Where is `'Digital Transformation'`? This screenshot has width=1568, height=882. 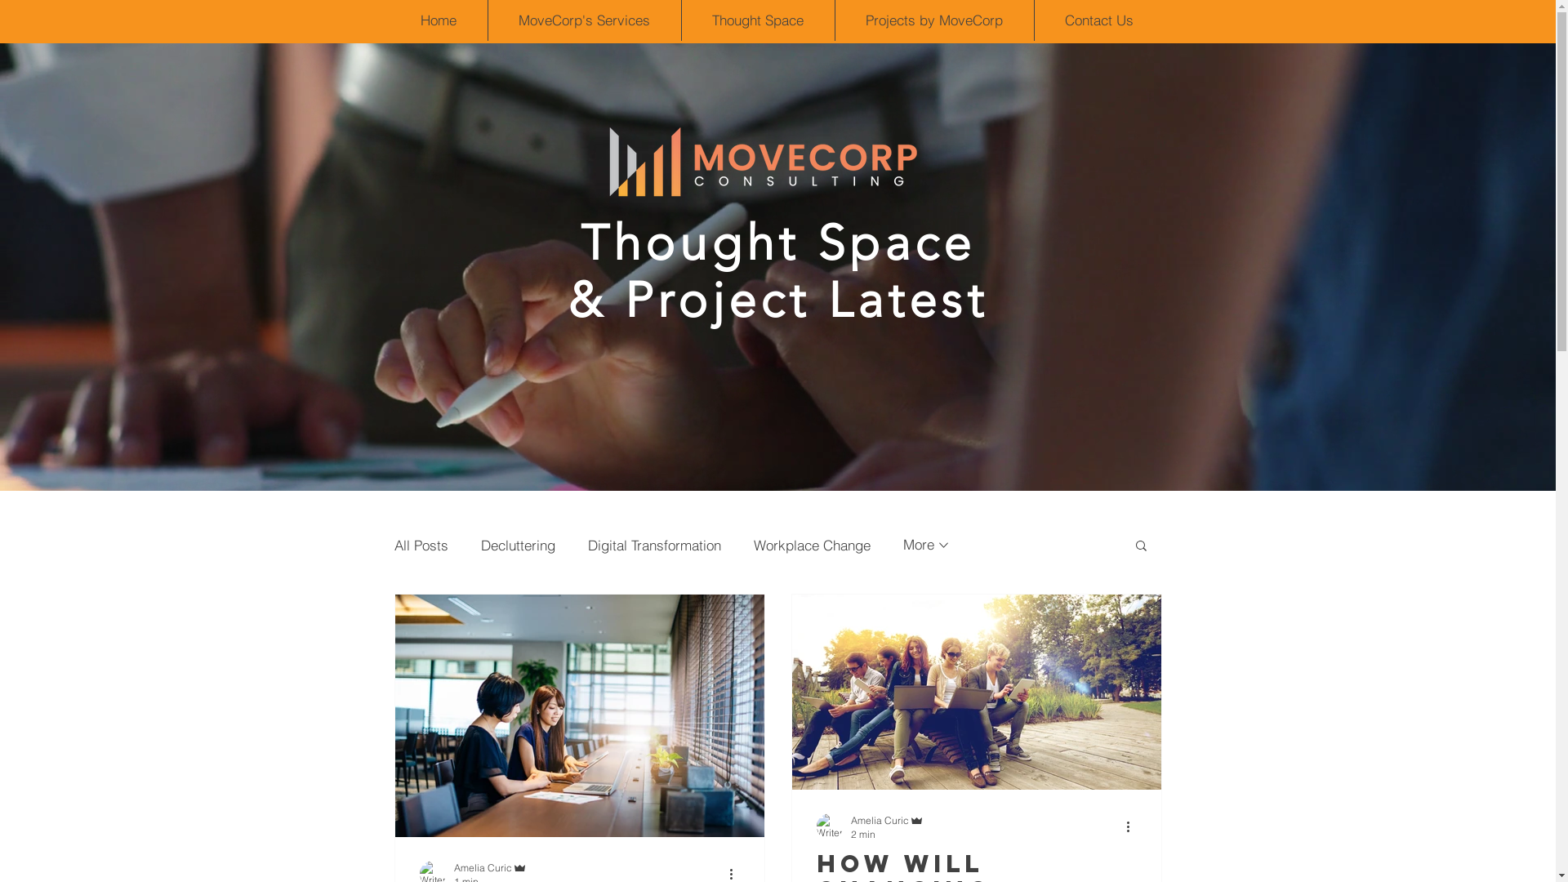
'Digital Transformation' is located at coordinates (654, 544).